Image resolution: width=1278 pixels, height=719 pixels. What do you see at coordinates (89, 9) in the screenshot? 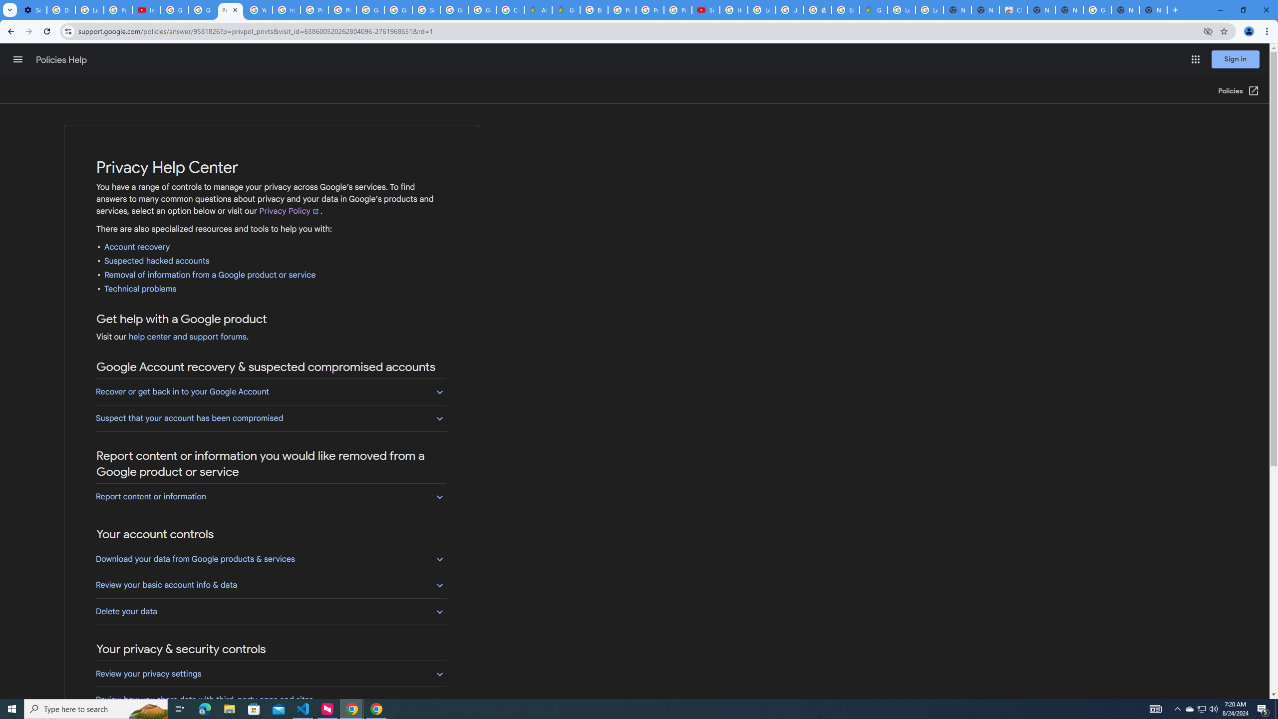
I see `'Learn how to find your photos - Google Photos Help'` at bounding box center [89, 9].